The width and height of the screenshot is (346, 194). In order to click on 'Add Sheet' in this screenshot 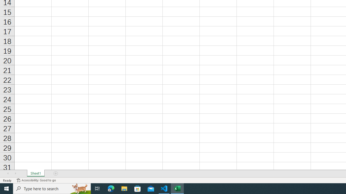, I will do `click(56, 174)`.